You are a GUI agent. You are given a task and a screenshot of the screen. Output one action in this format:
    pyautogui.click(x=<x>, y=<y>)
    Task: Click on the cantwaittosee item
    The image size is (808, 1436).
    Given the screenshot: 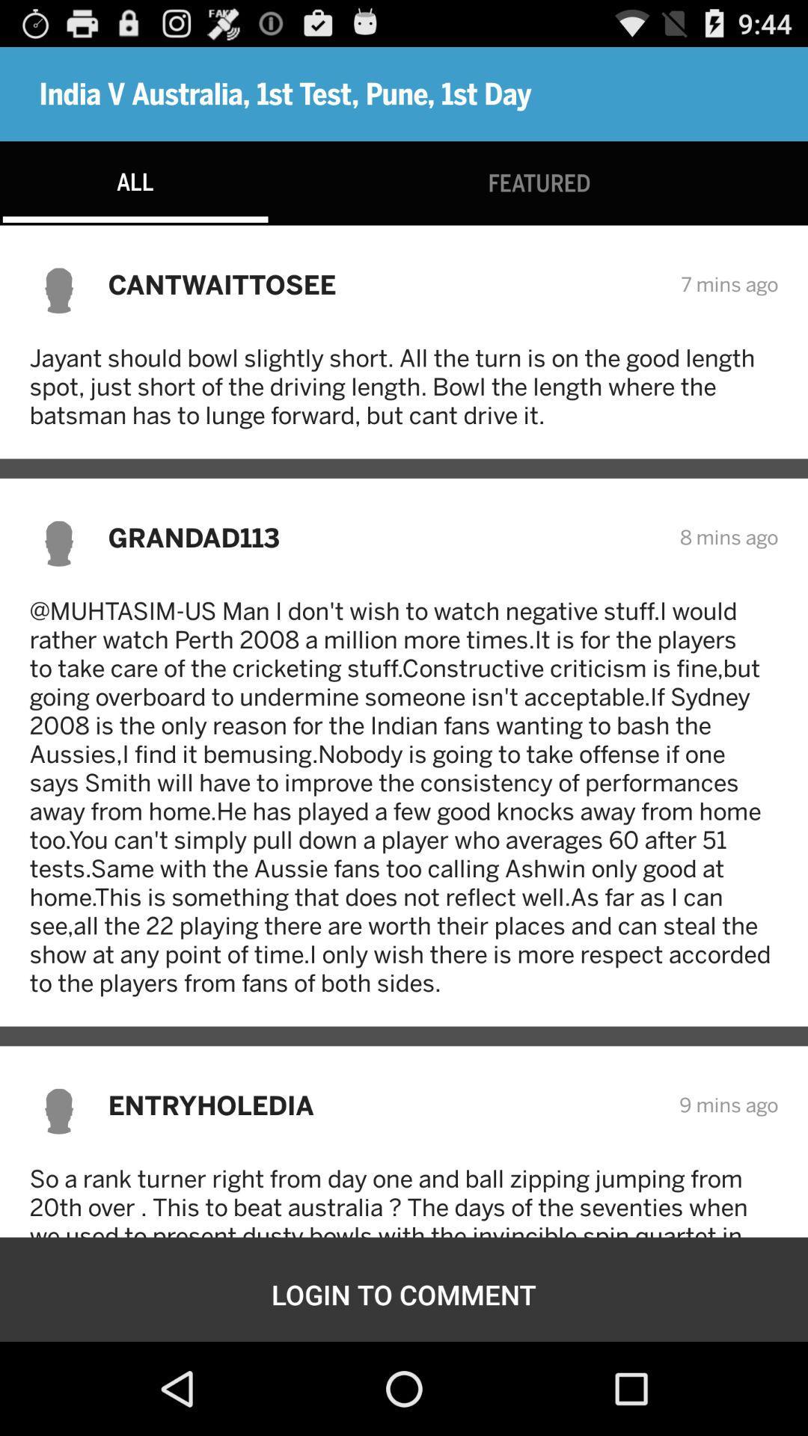 What is the action you would take?
    pyautogui.click(x=384, y=284)
    